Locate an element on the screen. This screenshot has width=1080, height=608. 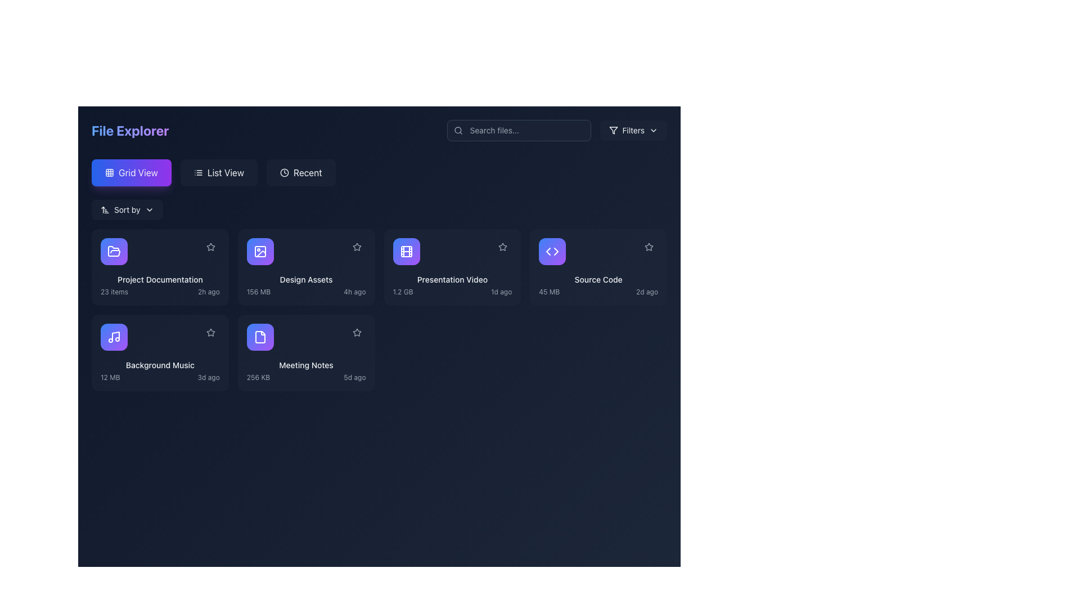
the static text label displaying '1.2 GB', which is positioned to the left of '1d ago' in the third item of the grid's top row is located at coordinates (403, 292).